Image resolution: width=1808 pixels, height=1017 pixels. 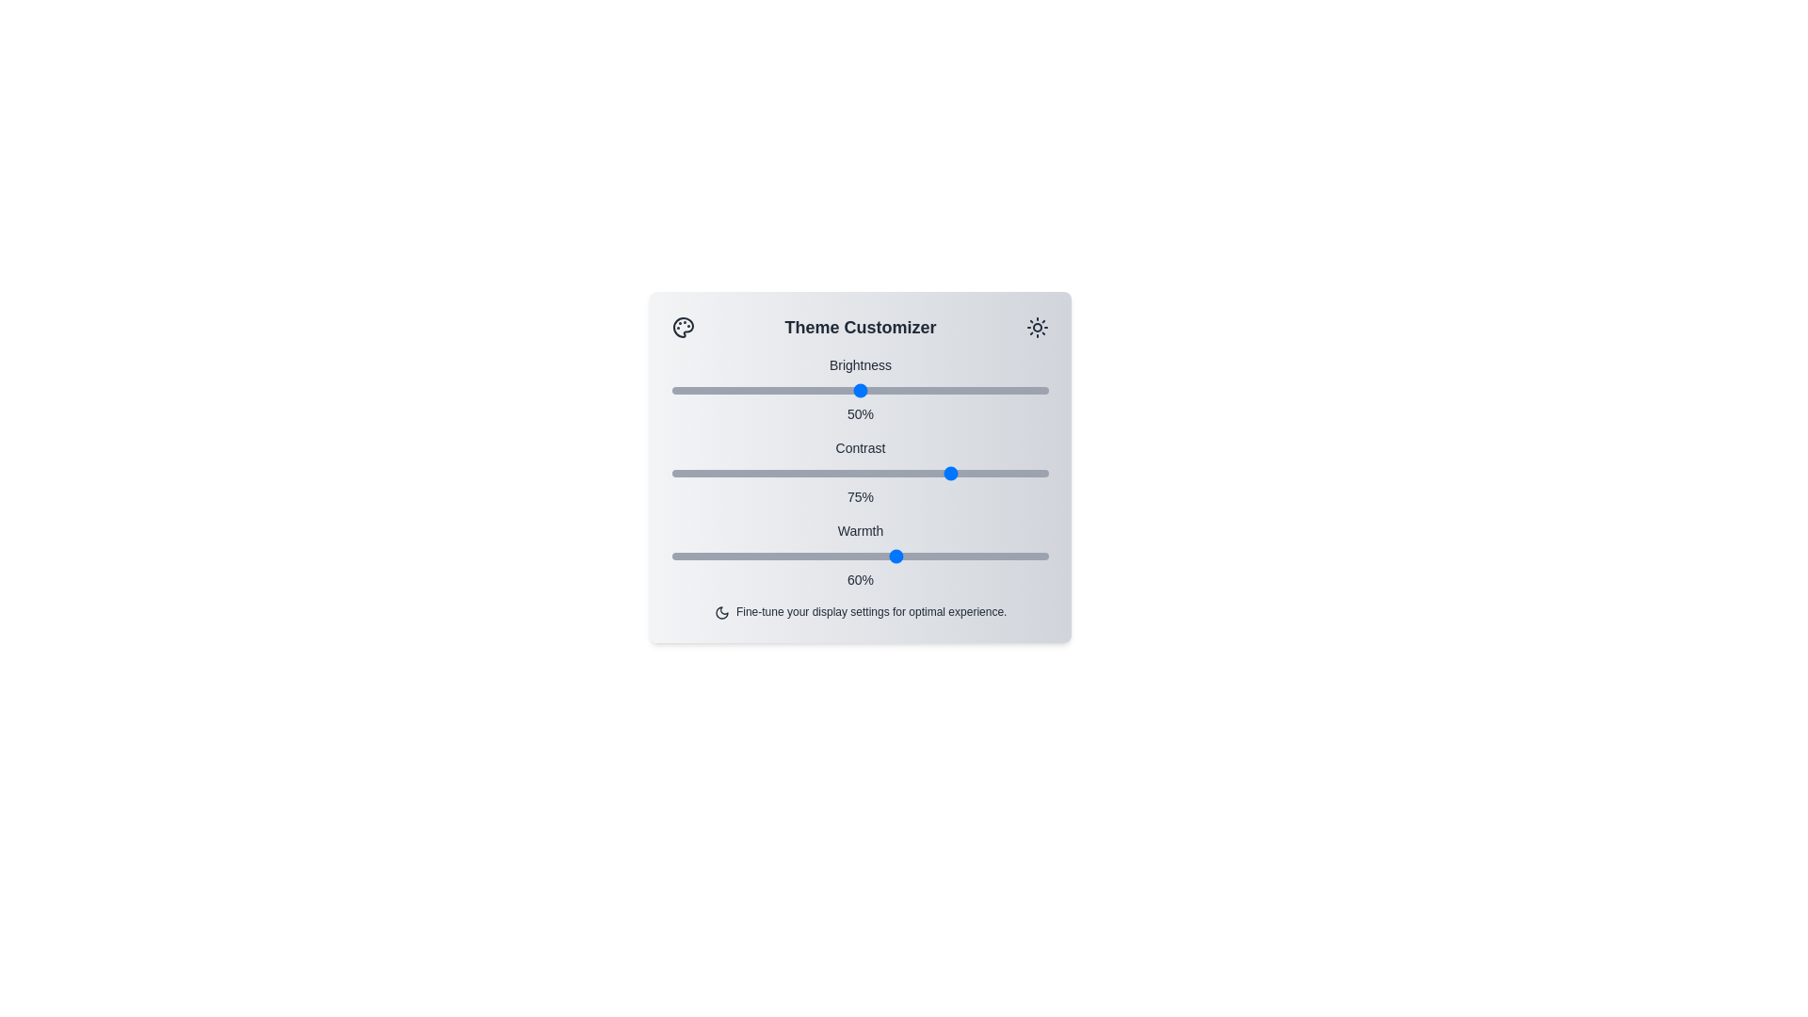 I want to click on the contrast slider to 75, so click(x=954, y=472).